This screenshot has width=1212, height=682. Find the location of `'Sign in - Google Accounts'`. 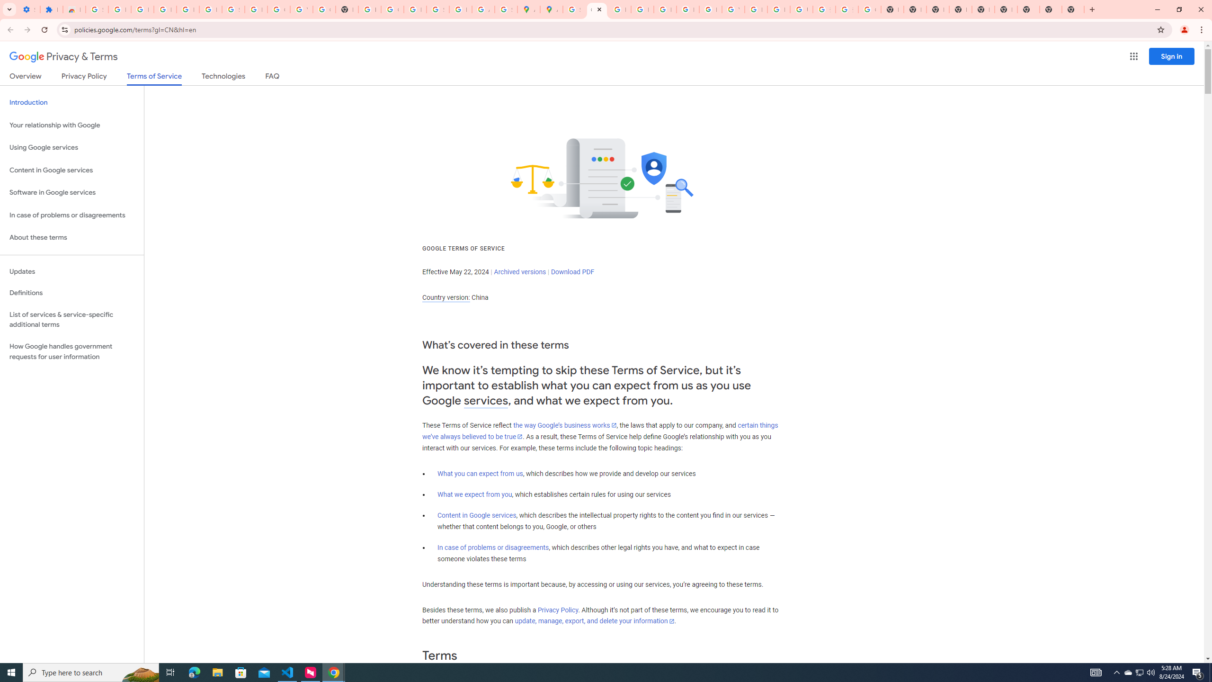

'Sign in - Google Accounts' is located at coordinates (233, 9).